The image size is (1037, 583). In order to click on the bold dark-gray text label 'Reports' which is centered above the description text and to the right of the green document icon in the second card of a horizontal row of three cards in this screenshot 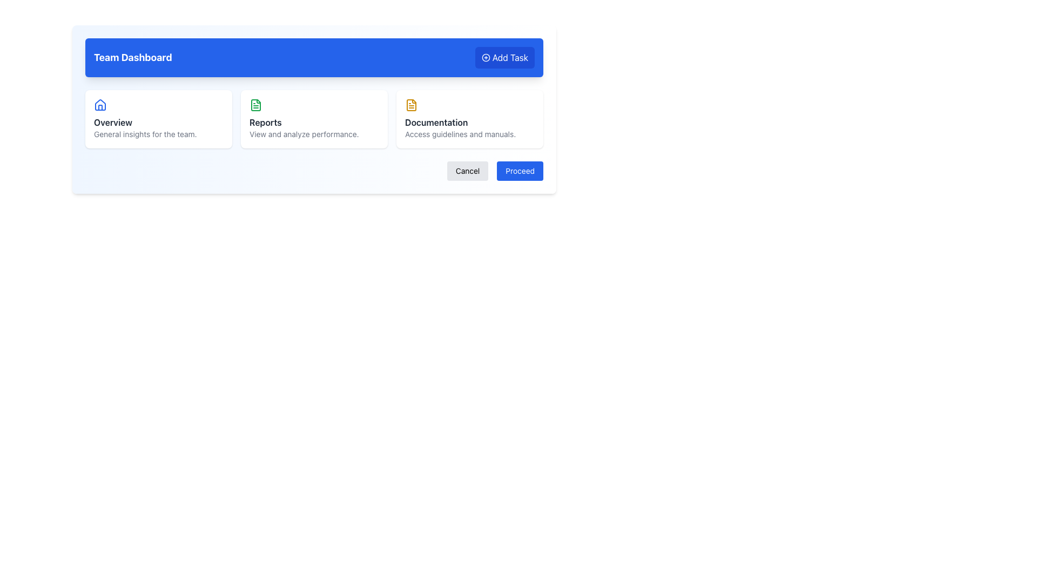, I will do `click(265, 122)`.